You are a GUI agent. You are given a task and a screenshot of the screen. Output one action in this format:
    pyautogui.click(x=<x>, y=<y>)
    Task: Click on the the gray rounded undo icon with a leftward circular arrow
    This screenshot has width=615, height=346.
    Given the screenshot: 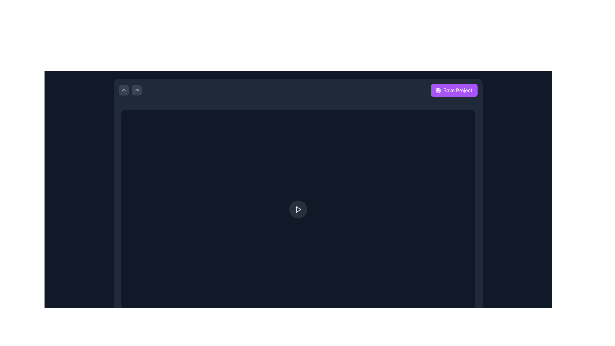 What is the action you would take?
    pyautogui.click(x=124, y=90)
    